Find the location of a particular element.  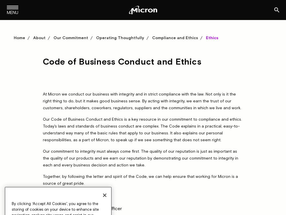

'Together, by following the letter and spirit of the Code, we can help ensure that working for Micron is a source of great pride.' is located at coordinates (140, 179).